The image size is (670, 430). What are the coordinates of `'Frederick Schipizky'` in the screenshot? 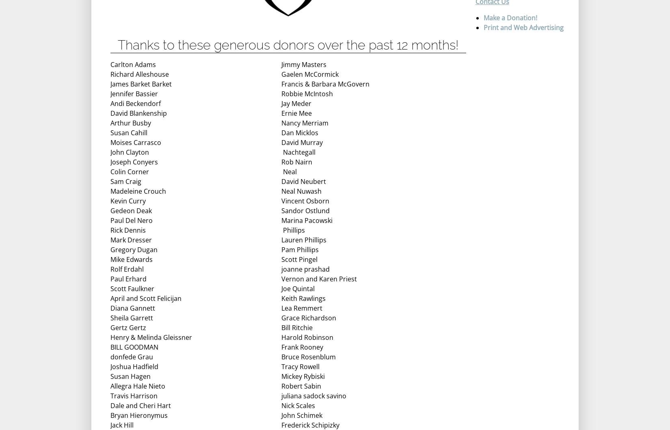 It's located at (310, 425).